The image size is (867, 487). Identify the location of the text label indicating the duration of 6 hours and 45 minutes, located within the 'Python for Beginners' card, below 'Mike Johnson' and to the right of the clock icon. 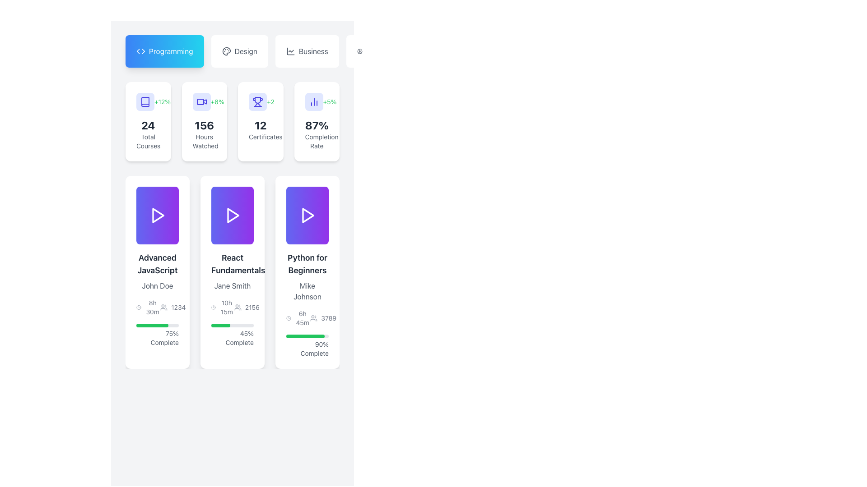
(303, 317).